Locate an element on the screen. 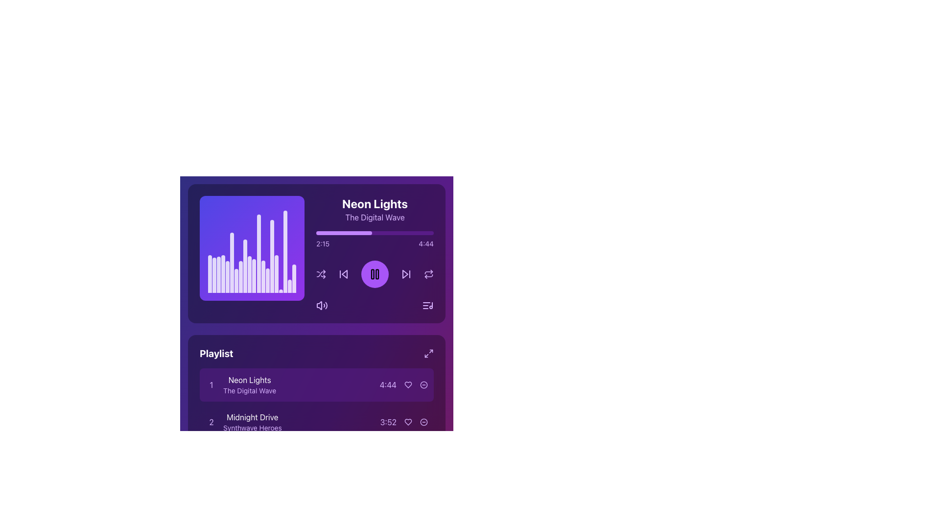  the animation of the 17th vertical graphical bar in the visualizer, which is styled in white with a semi-transparent finish and has rounded top edges is located at coordinates (276, 274).